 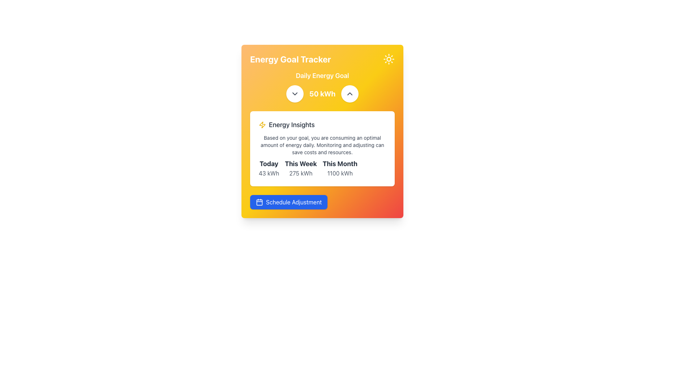 I want to click on the Text display (informative) that shows 'This Month' and '1100 kWh', which is the third element in the 'Energy Insights' section, so click(x=339, y=168).